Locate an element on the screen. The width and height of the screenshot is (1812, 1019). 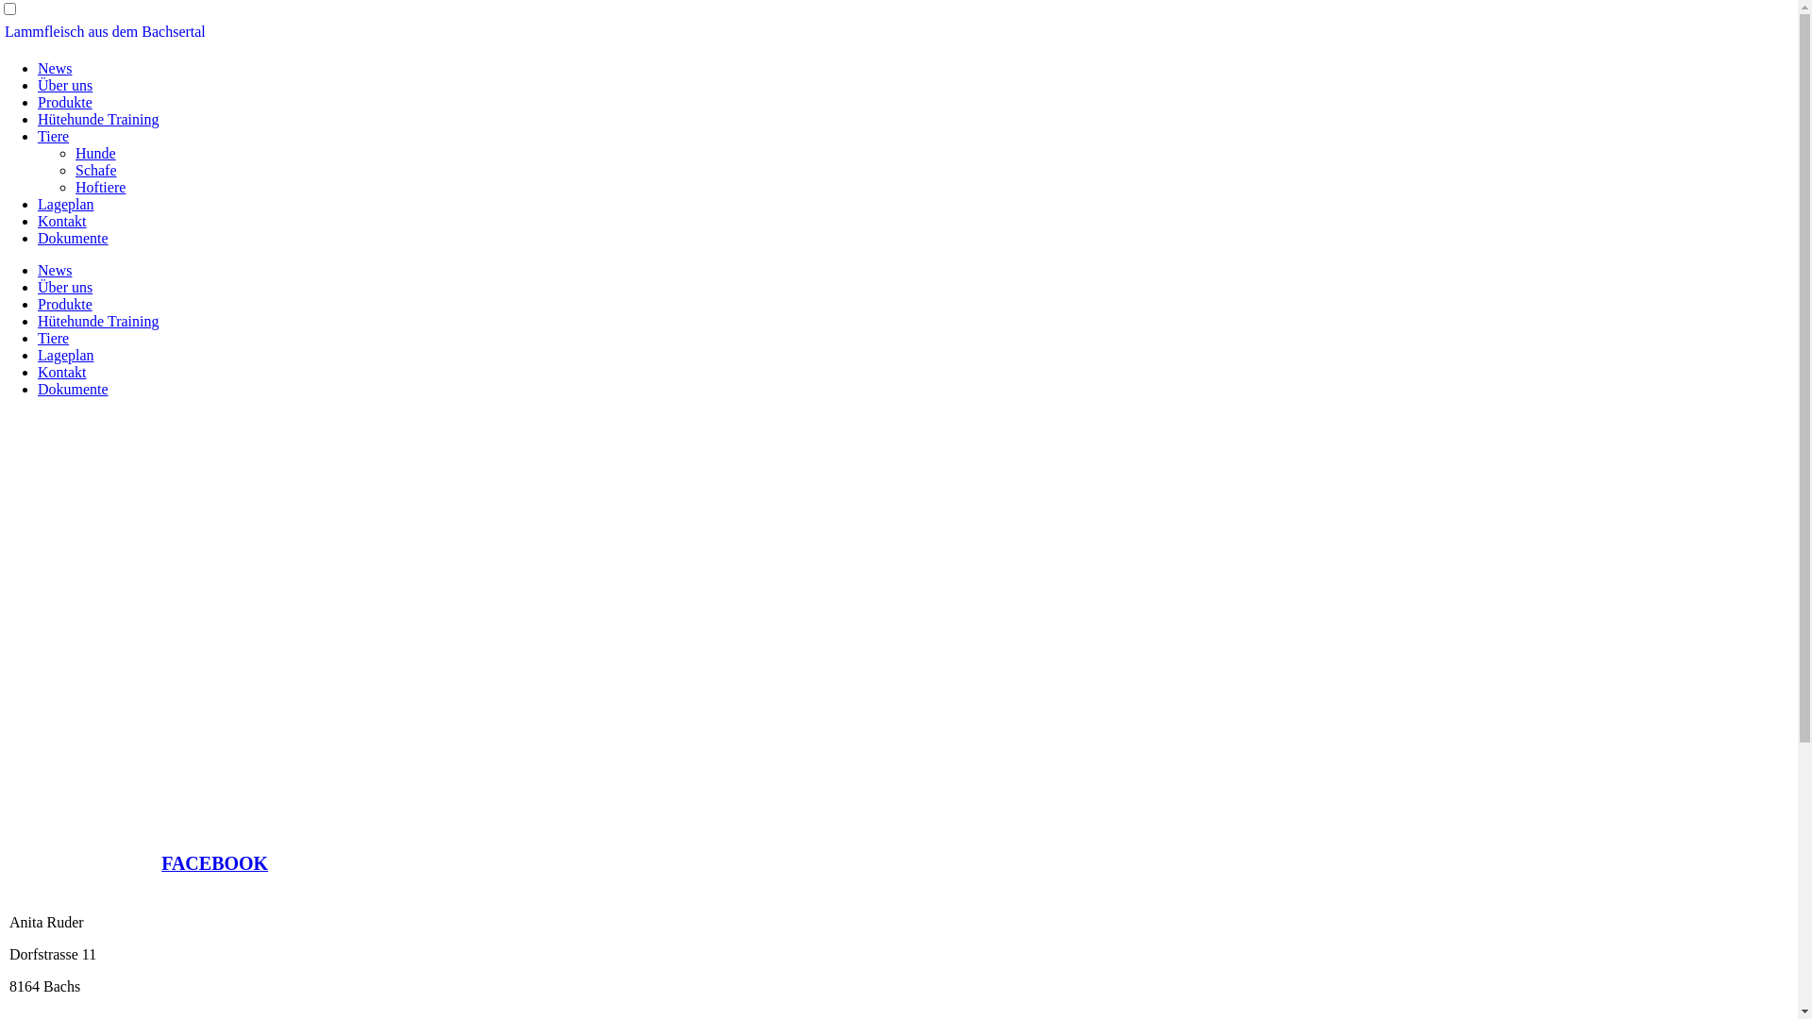
'Produkte' is located at coordinates (64, 303).